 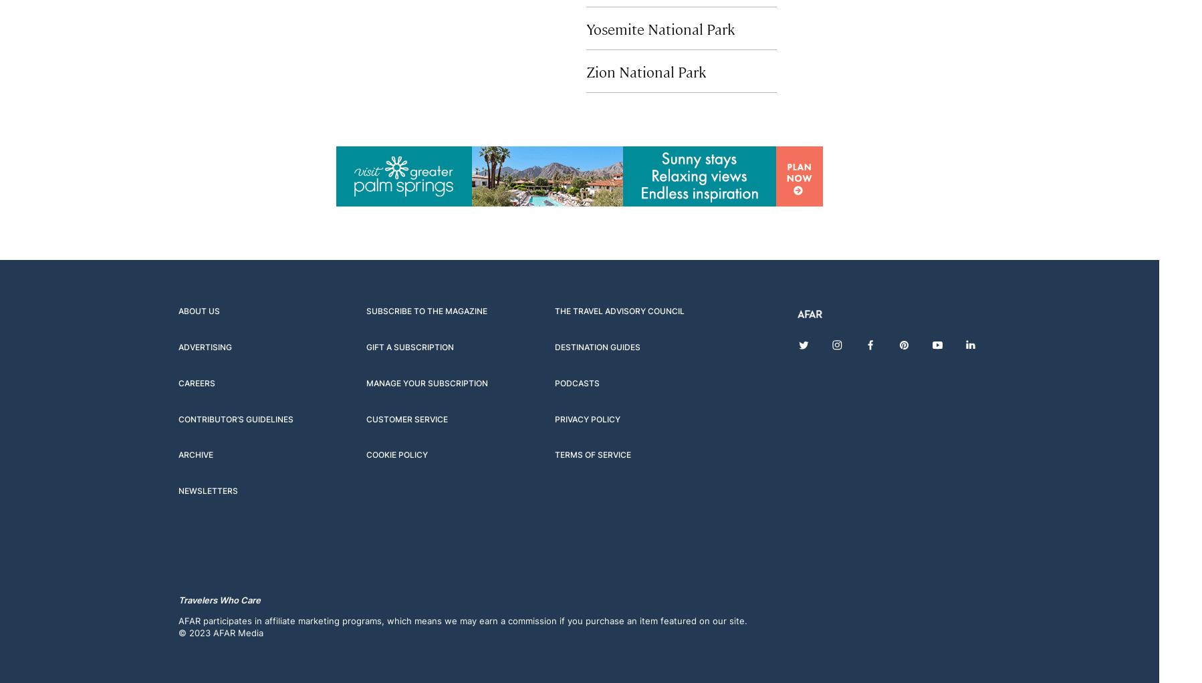 I want to click on 'Manage your subscription', so click(x=427, y=382).